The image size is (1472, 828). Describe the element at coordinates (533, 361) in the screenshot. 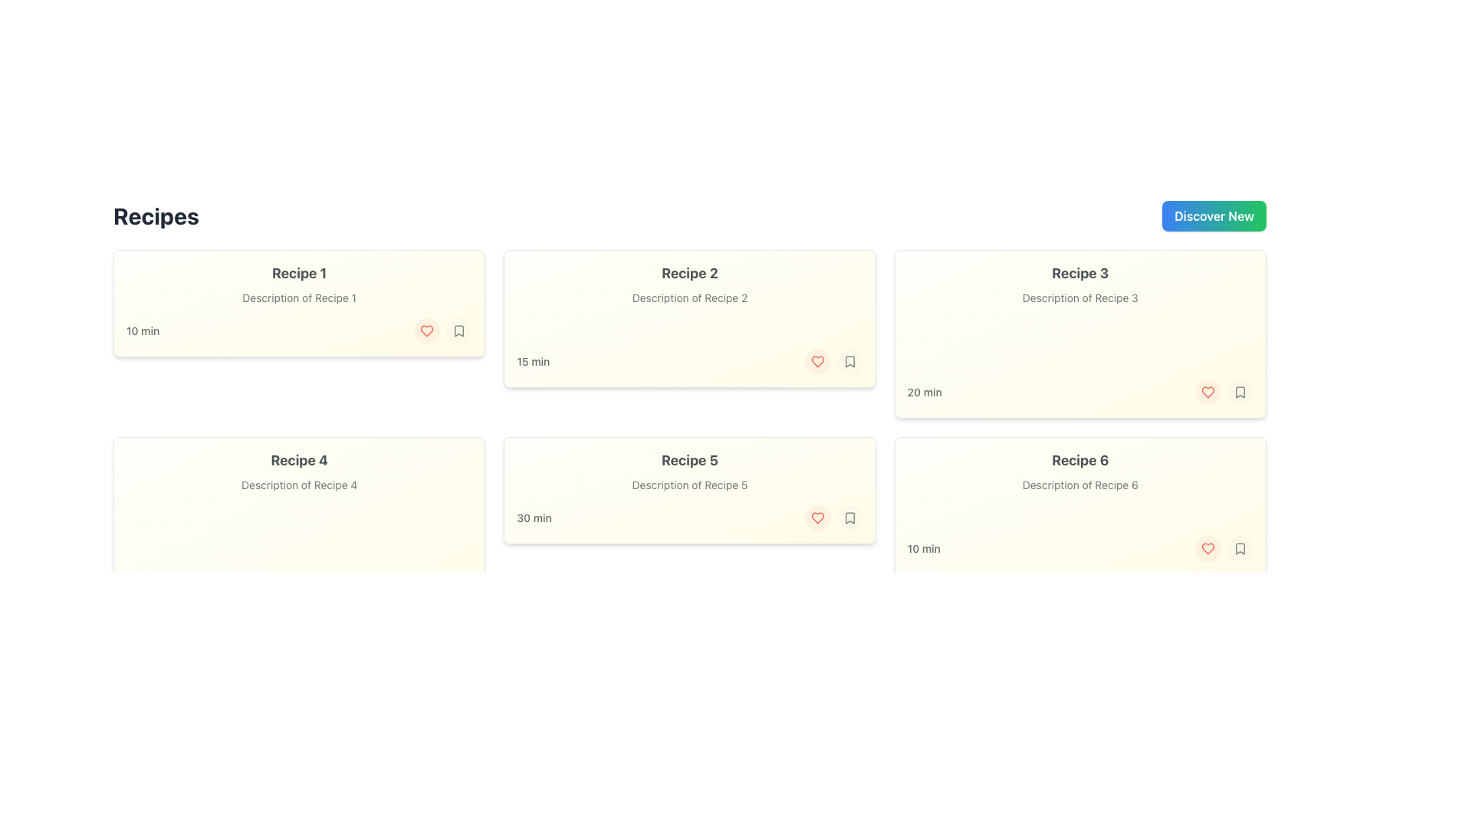

I see `the text label displaying the estimated preparation or cooking time for Recipe 2, located within the card component of Recipe 2` at that location.